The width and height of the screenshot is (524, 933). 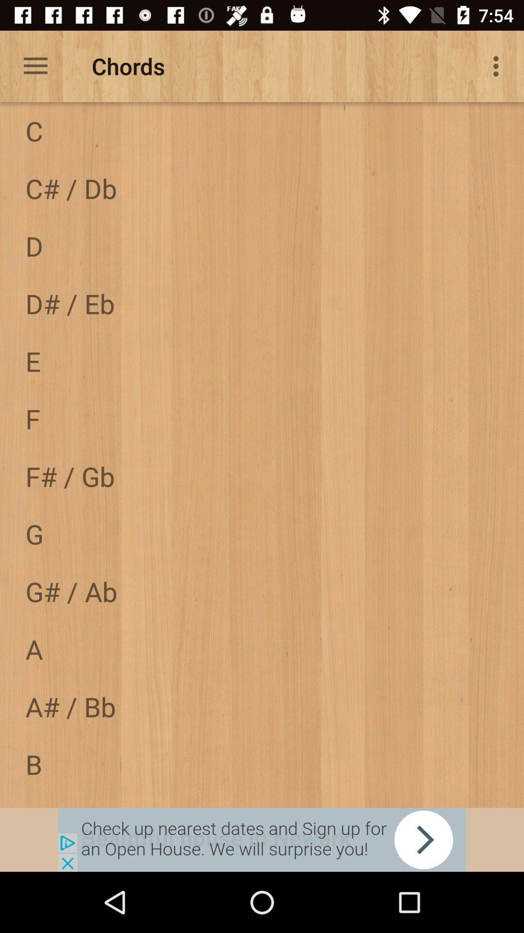 I want to click on share link, so click(x=262, y=839).